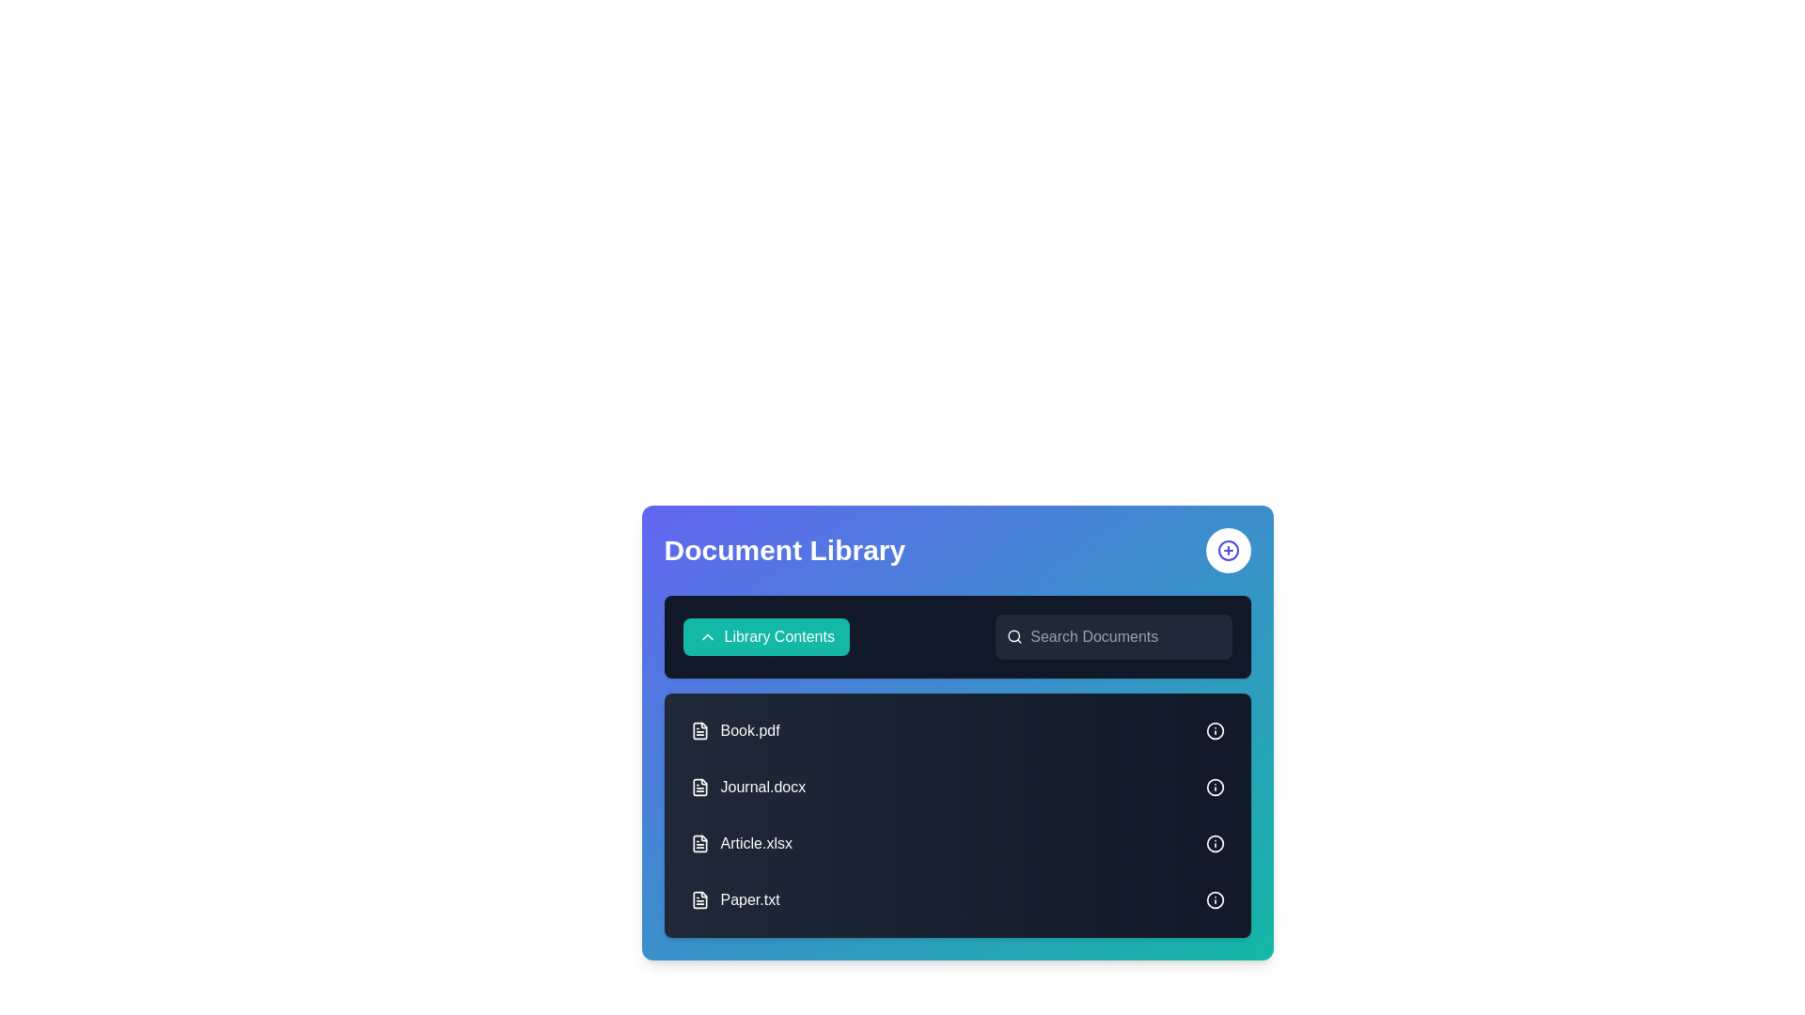  Describe the element at coordinates (698, 898) in the screenshot. I see `the document icon that resembles a sheet of paper with a folded corner, located to the left of the text 'Paper.txt' in the 'Document Library'` at that location.